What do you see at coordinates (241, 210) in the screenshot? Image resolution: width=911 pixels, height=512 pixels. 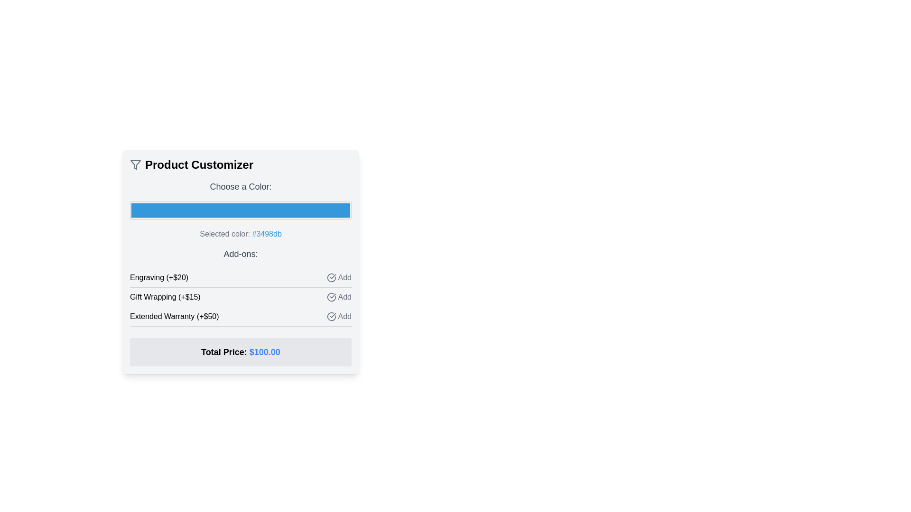 I see `the horizontal color selection bar with a light blue fill and a thin gray border` at bounding box center [241, 210].